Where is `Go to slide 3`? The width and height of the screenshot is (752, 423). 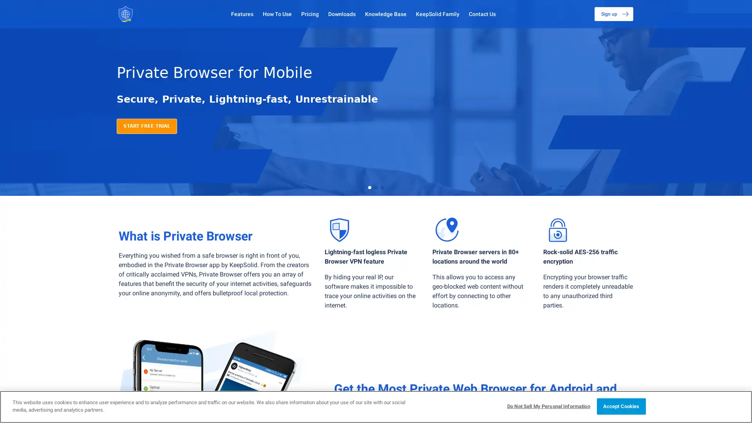
Go to slide 3 is located at coordinates (382, 187).